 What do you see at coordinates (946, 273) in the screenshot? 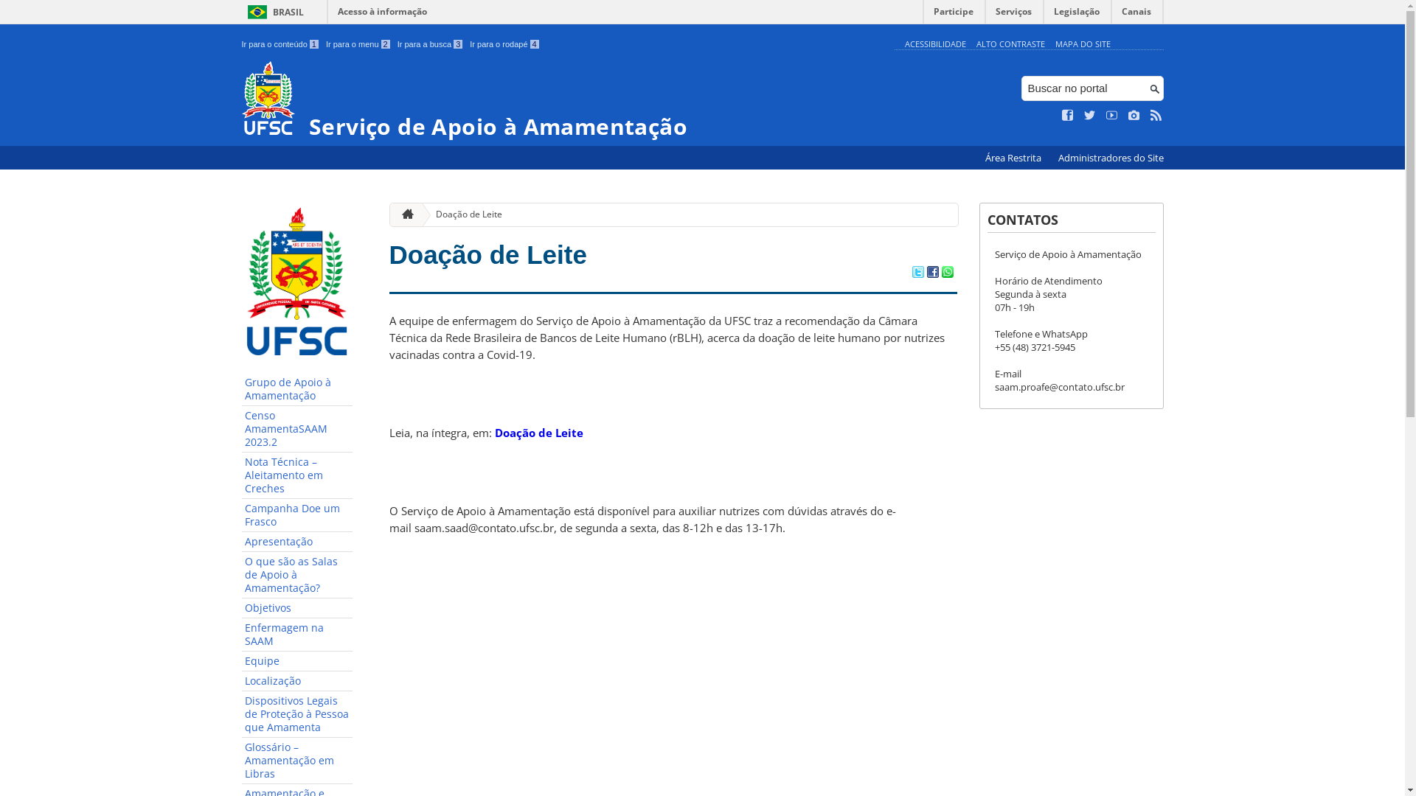
I see `'Compartilhar no WhatsApp'` at bounding box center [946, 273].